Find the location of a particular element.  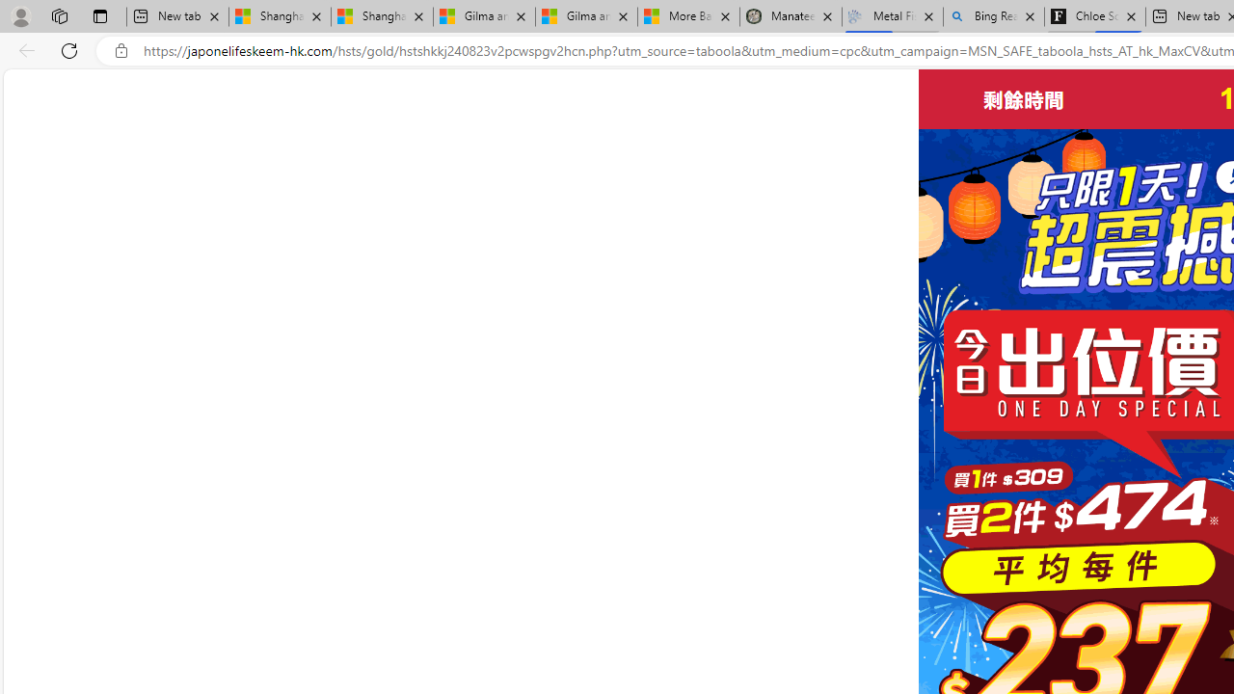

'Manatee Mortality Statistics | FWC' is located at coordinates (791, 16).